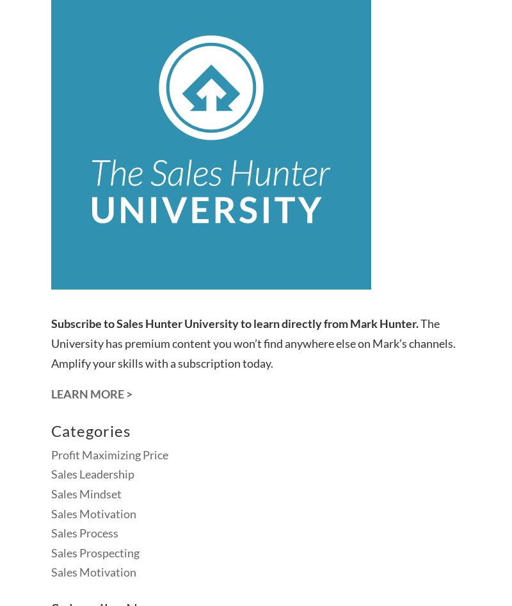  Describe the element at coordinates (84, 533) in the screenshot. I see `'Sales Process'` at that location.